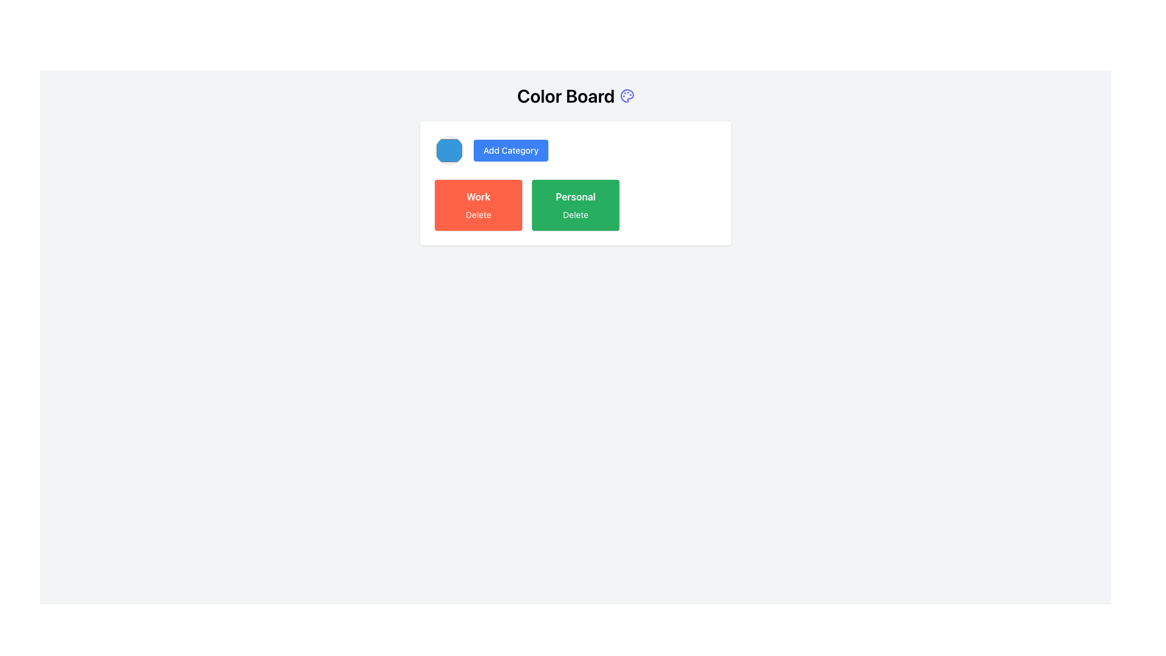 The image size is (1166, 656). I want to click on the 'Personal' label styled in white font within the green button in the right section of the central panel, beneath the 'Color Board' heading, so click(575, 196).